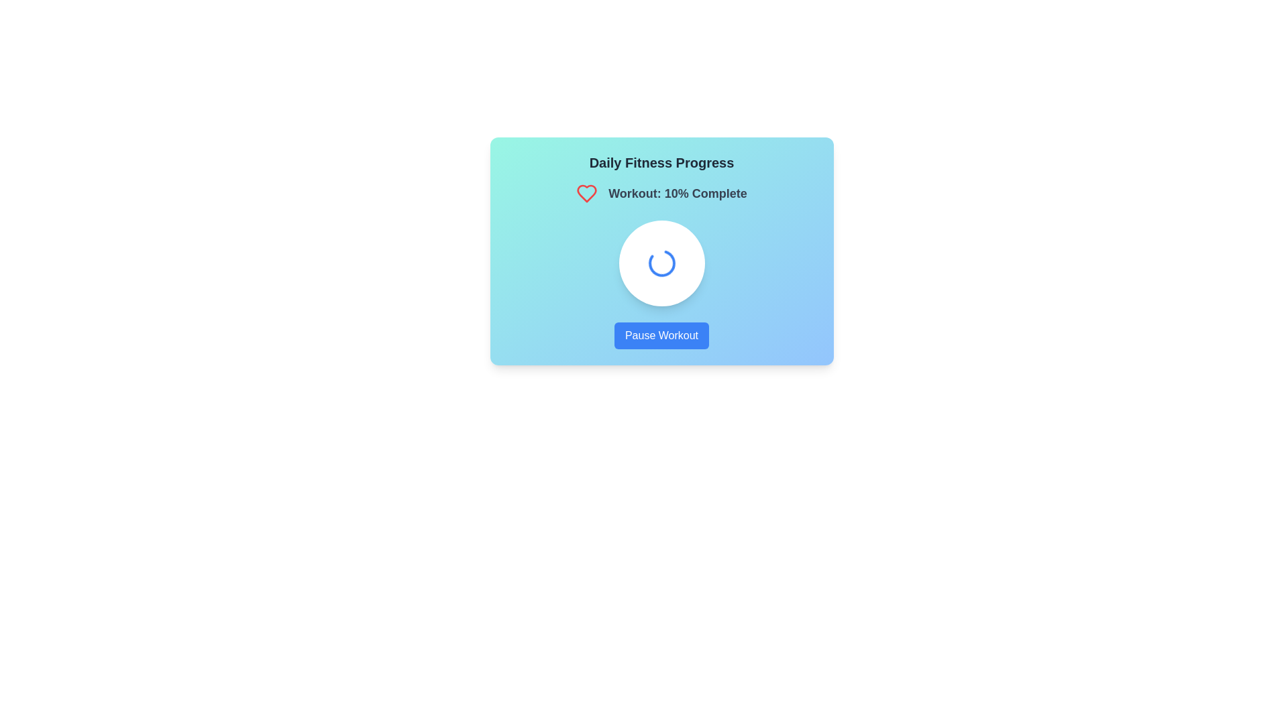 Image resolution: width=1288 pixels, height=724 pixels. I want to click on the heart icon, which is the first element in a horizontal arrangement indicating workout progress, so click(590, 194).